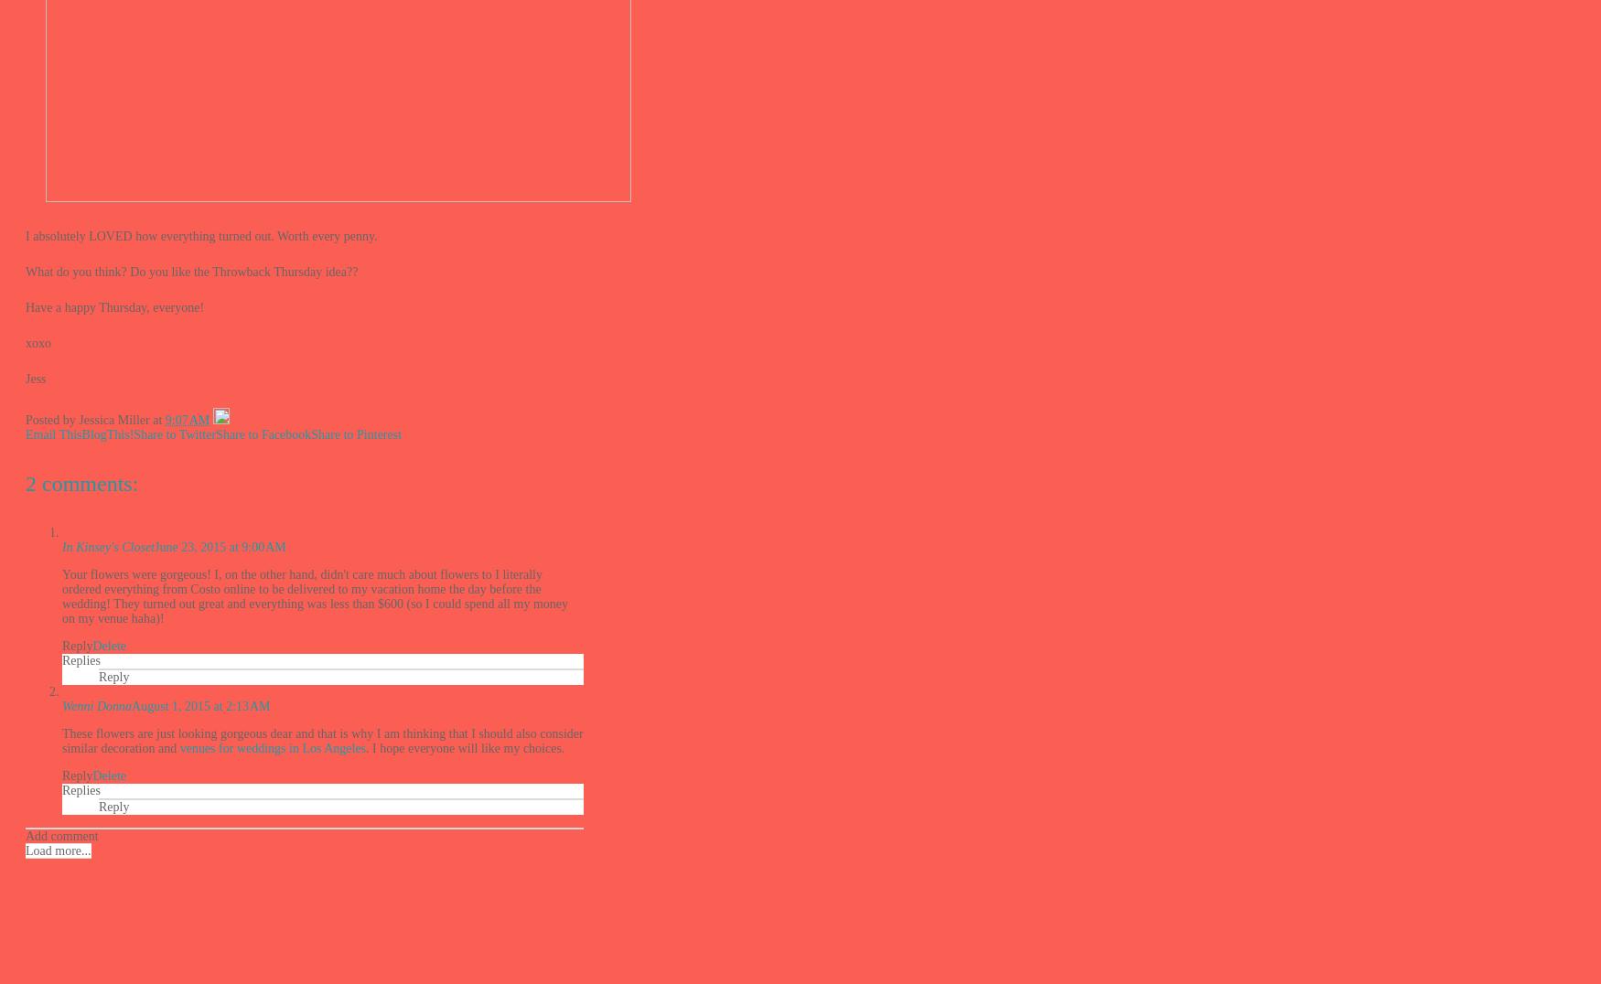 This screenshot has width=1601, height=984. Describe the element at coordinates (62, 546) in the screenshot. I see `'In Kinsey's Closet'` at that location.